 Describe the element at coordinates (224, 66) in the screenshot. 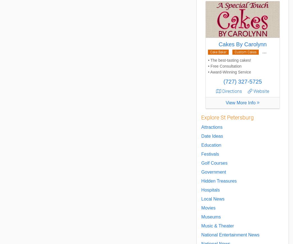

I see `'• Free Consultation'` at that location.